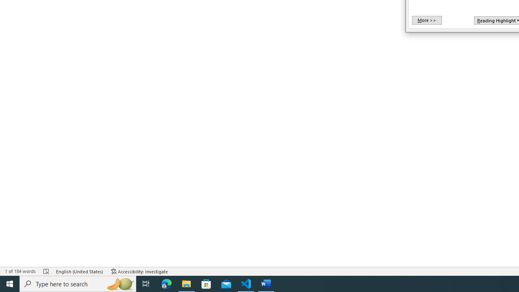 The width and height of the screenshot is (519, 292). What do you see at coordinates (46, 271) in the screenshot?
I see `'Spelling and Grammar Check Errors'` at bounding box center [46, 271].